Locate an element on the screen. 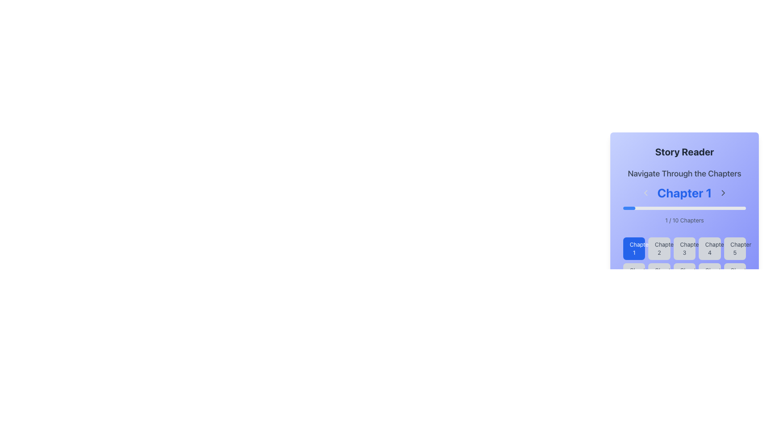 The height and width of the screenshot is (436, 775). the horizontal progress bar located below 'Chapter 1' and above '1 / 10 Chapters', which has a light gray background and a blue-filled section indicating progress is located at coordinates (684, 208).